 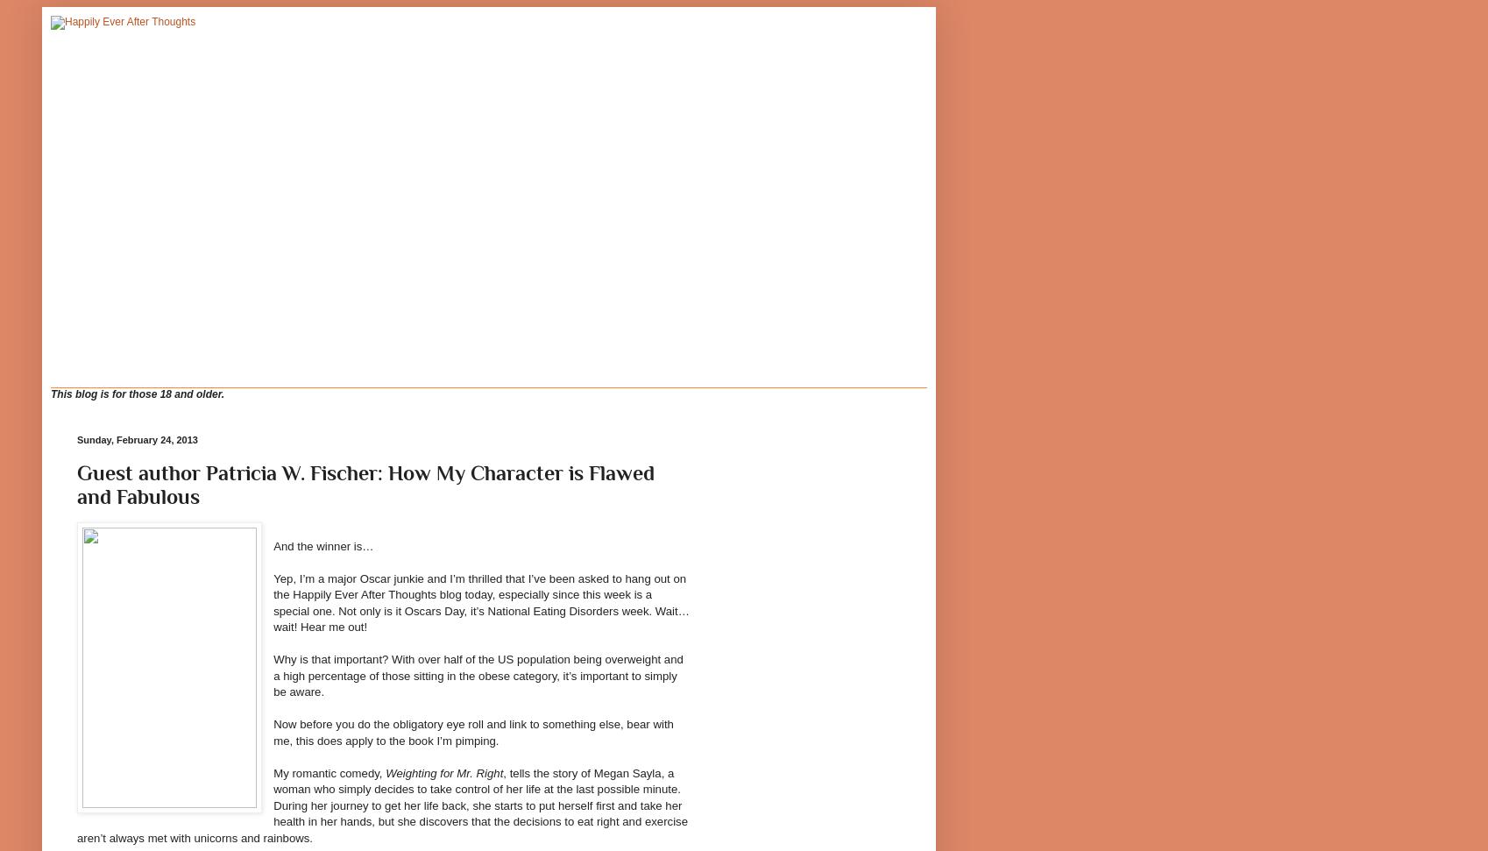 I want to click on 'Sunday, February 24, 2013', so click(x=136, y=439).